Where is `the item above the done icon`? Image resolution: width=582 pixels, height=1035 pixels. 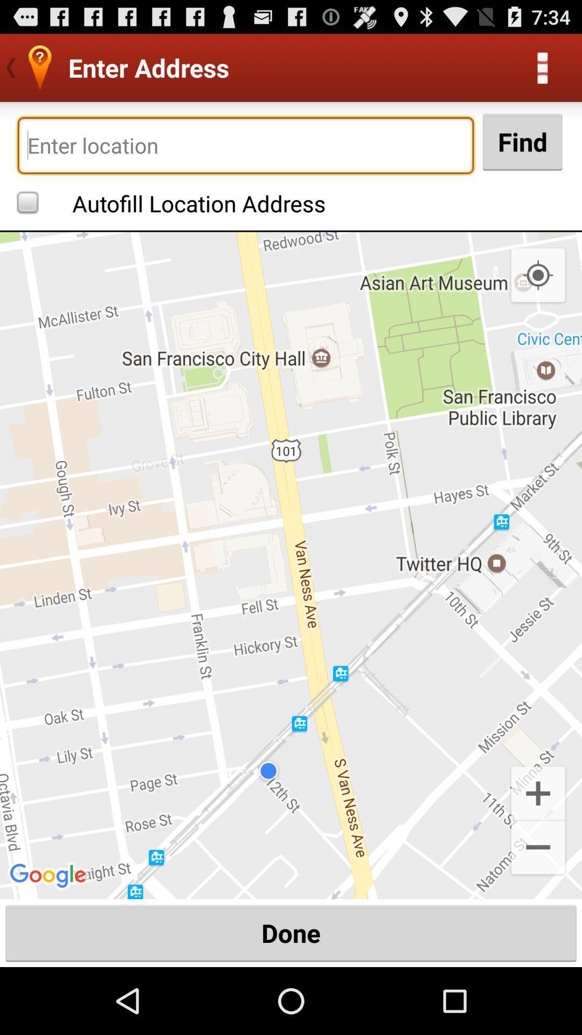 the item above the done icon is located at coordinates (538, 848).